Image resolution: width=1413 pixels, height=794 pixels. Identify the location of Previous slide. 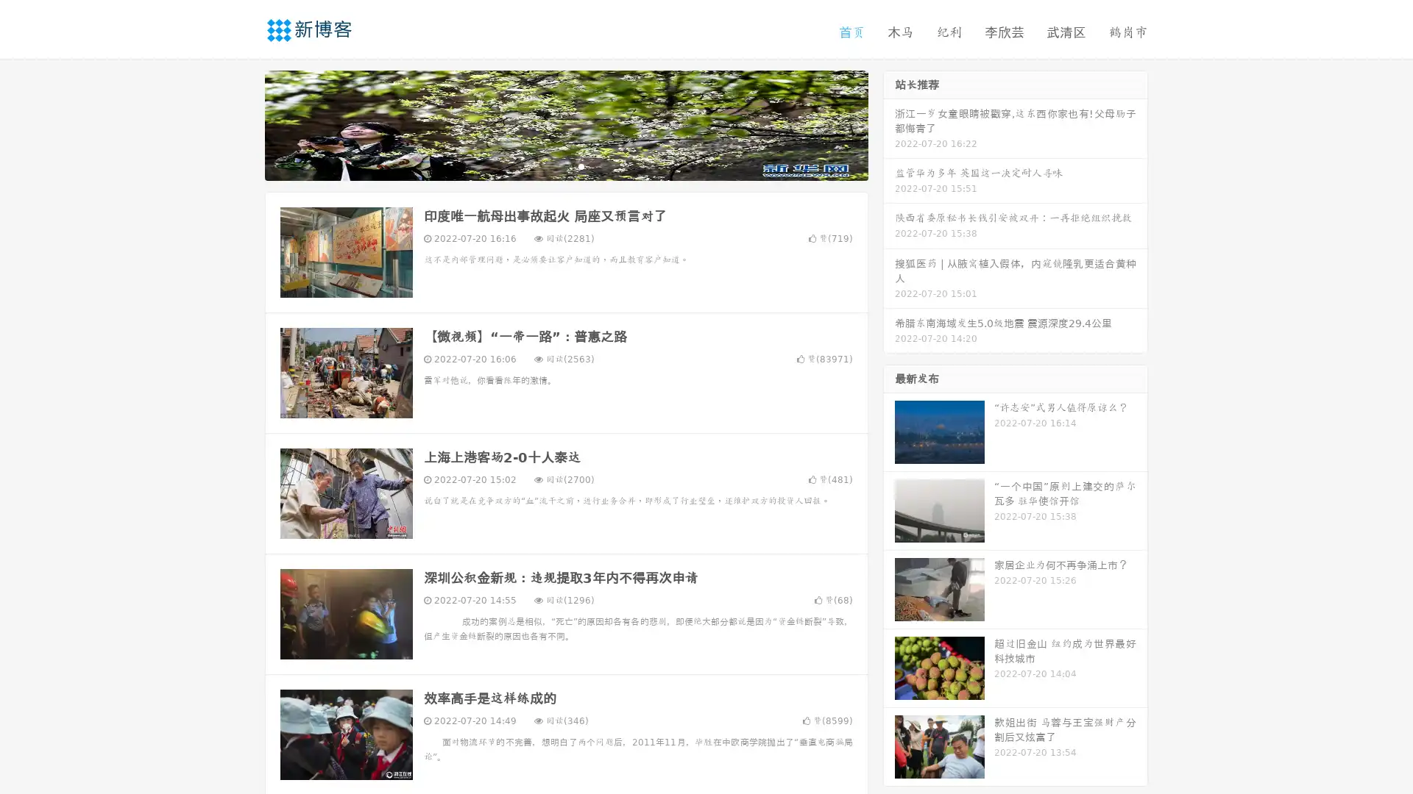
(243, 124).